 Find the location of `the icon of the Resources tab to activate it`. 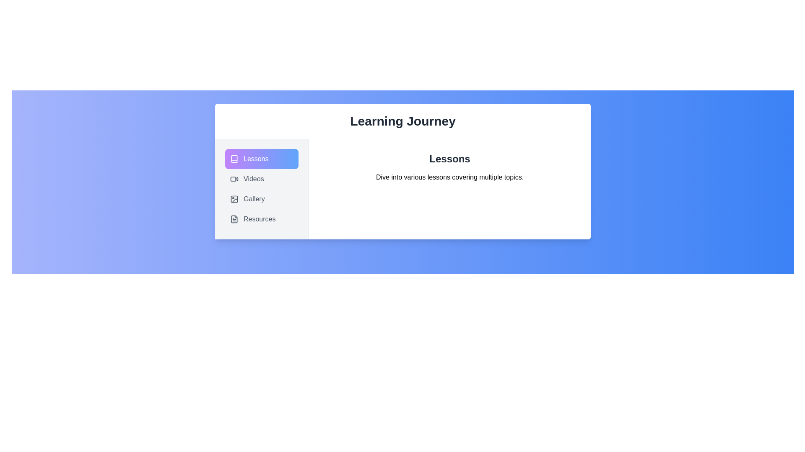

the icon of the Resources tab to activate it is located at coordinates (234, 219).